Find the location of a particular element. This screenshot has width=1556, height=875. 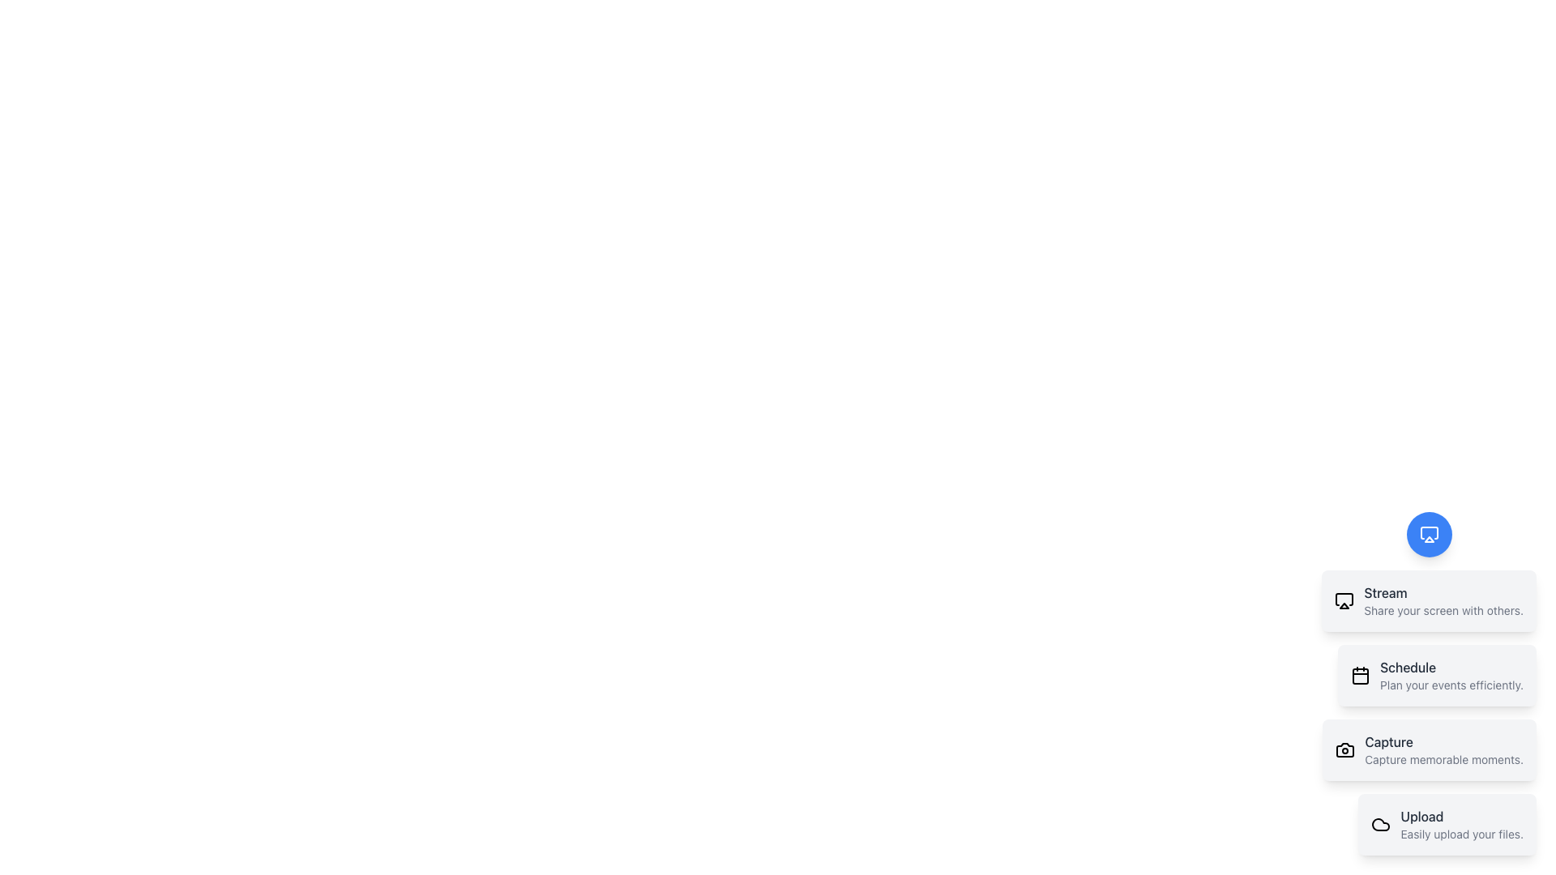

descriptive Text Label associated with the 'Upload' feature, which is the bottom-aligned text located underneath the main 'Upload' text in a vertical list is located at coordinates (1462, 834).